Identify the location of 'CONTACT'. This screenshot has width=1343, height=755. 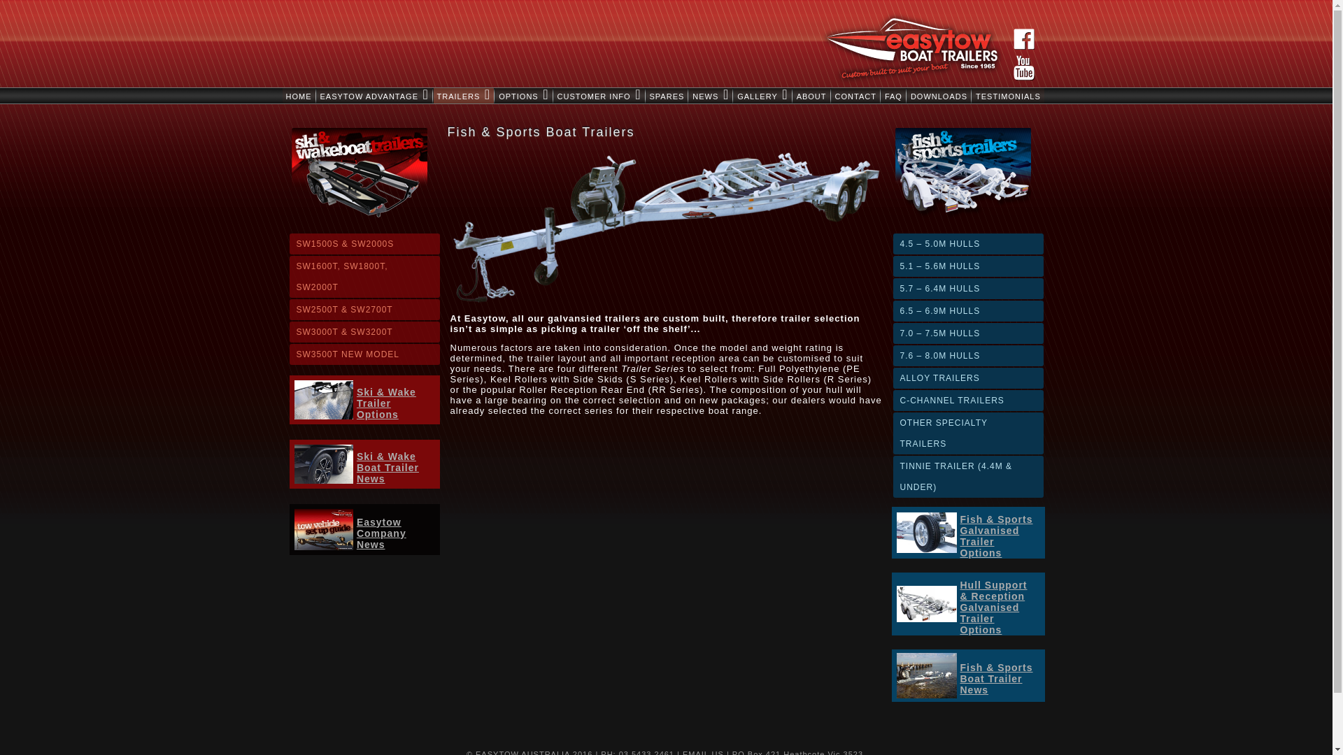
(855, 95).